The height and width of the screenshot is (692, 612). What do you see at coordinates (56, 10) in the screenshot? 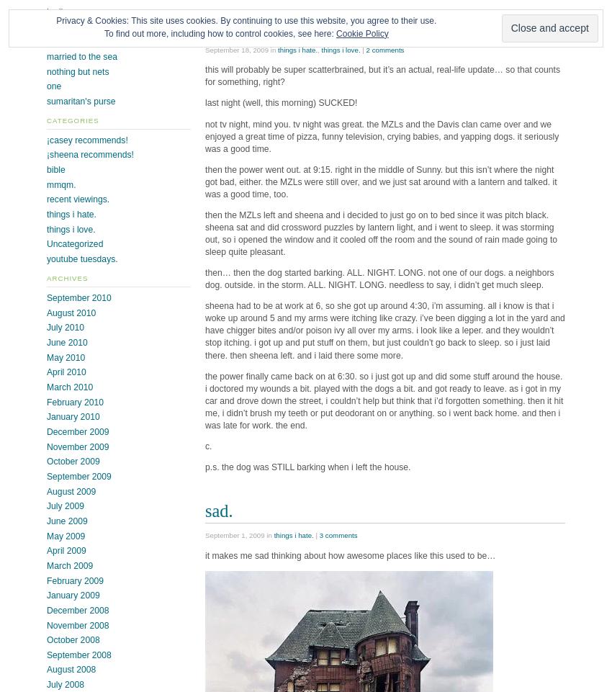
I see `'imdb'` at bounding box center [56, 10].